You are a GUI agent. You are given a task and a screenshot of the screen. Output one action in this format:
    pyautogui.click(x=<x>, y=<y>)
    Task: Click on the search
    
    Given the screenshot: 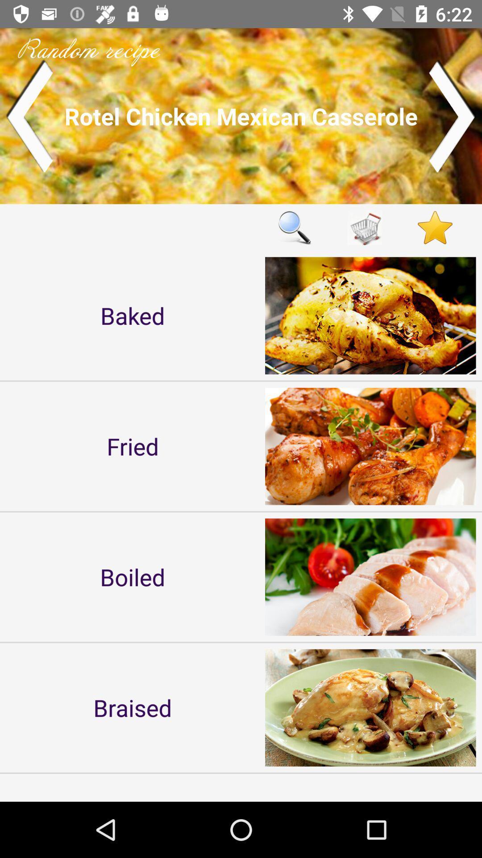 What is the action you would take?
    pyautogui.click(x=294, y=227)
    